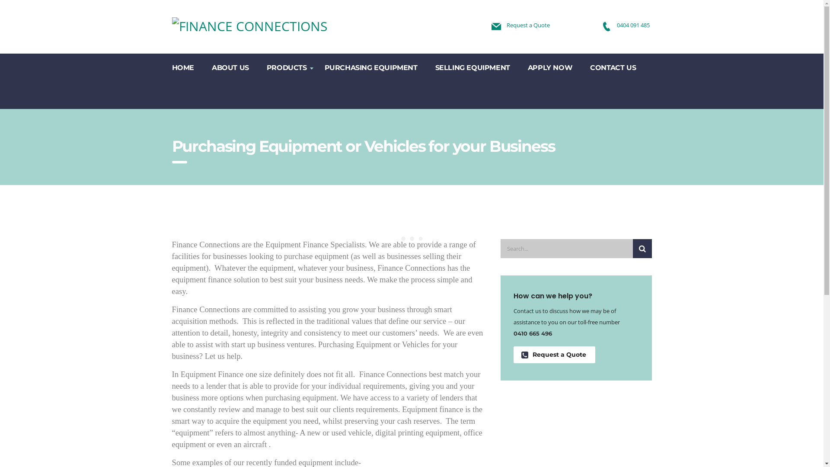 The width and height of the screenshot is (830, 467). Describe the element at coordinates (371, 67) in the screenshot. I see `'PURCHASING EQUIPMENT'` at that location.